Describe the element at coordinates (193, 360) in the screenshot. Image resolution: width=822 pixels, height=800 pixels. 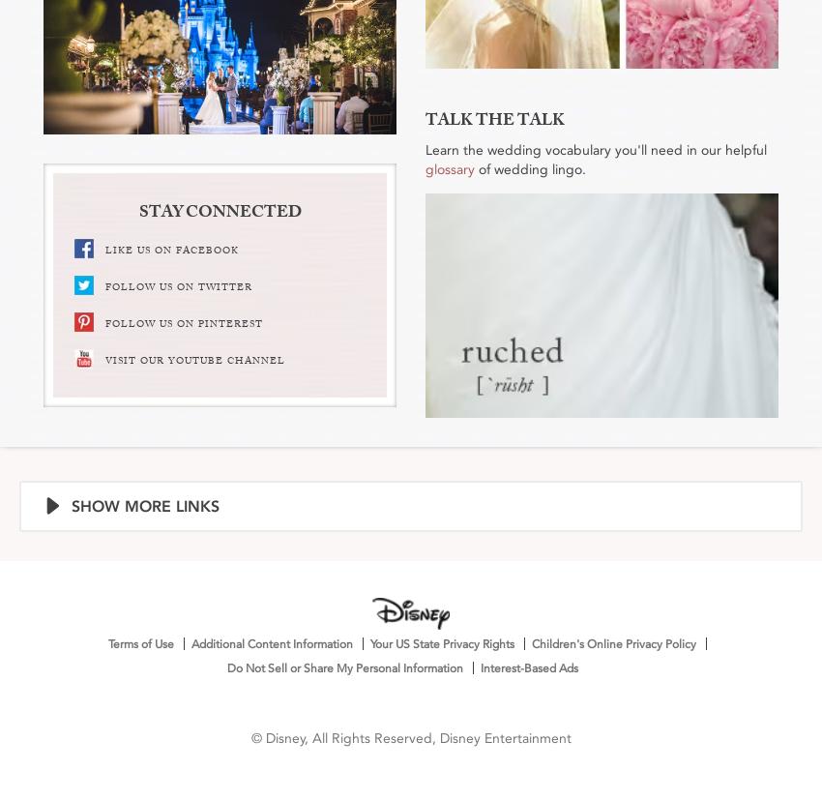
I see `'VISIT OUR YOUTUBE CHANNEL'` at that location.